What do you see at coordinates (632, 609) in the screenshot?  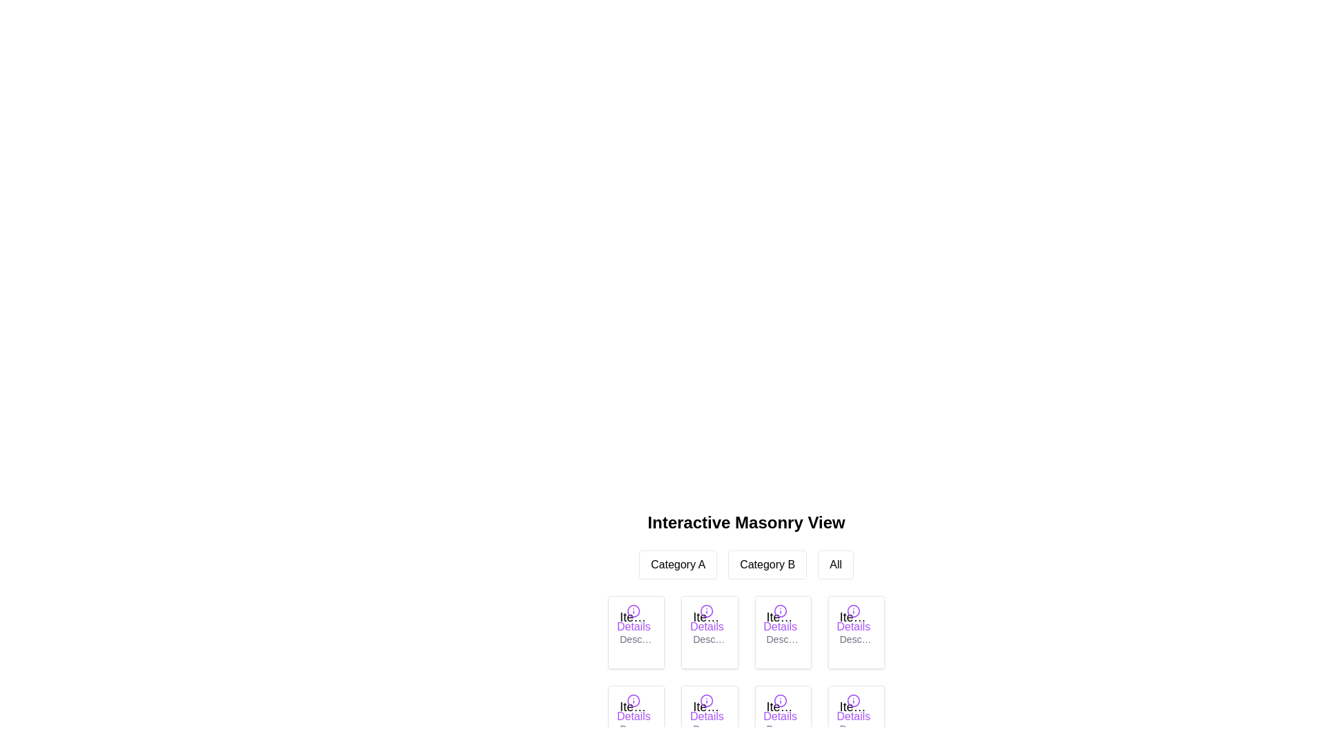 I see `the information icon in the top-left corner of the grid labeled 'Details'` at bounding box center [632, 609].